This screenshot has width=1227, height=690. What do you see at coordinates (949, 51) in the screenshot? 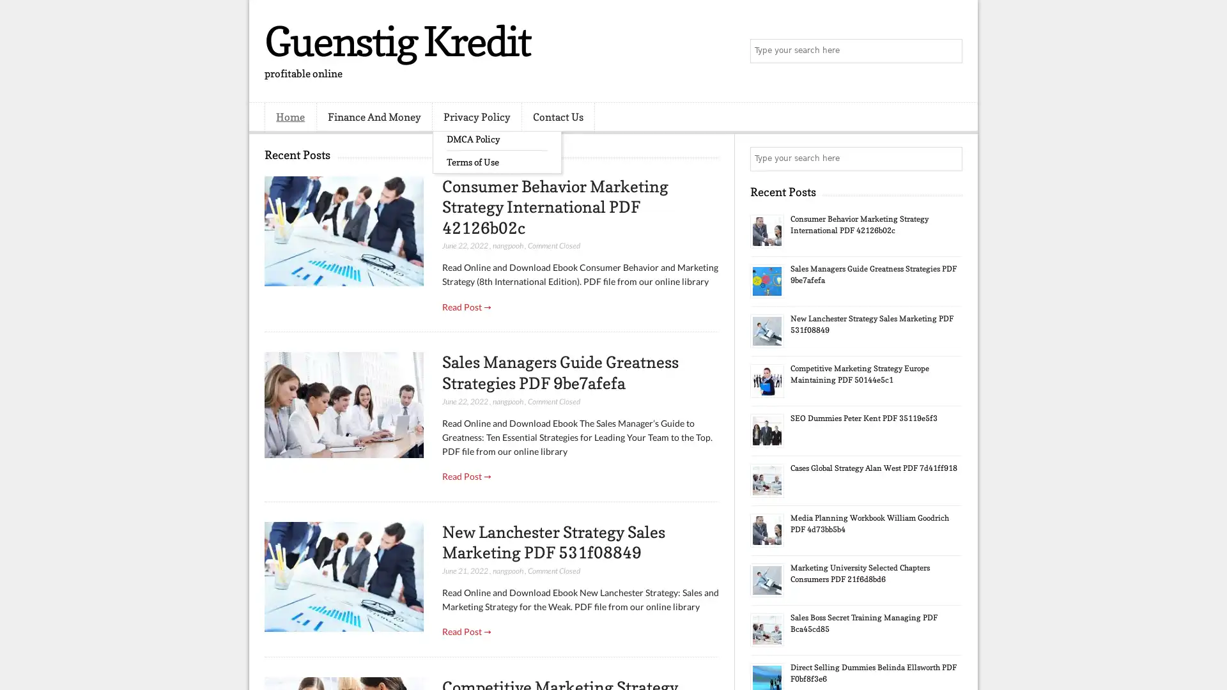
I see `Search` at bounding box center [949, 51].